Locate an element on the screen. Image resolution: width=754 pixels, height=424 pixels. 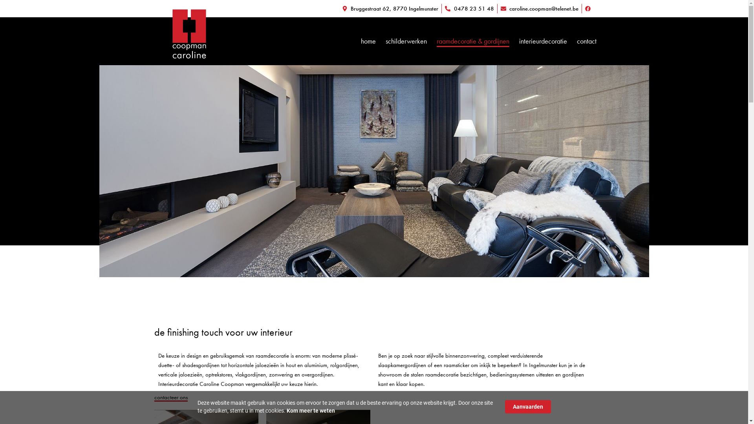
'contacteer ons' is located at coordinates (170, 398).